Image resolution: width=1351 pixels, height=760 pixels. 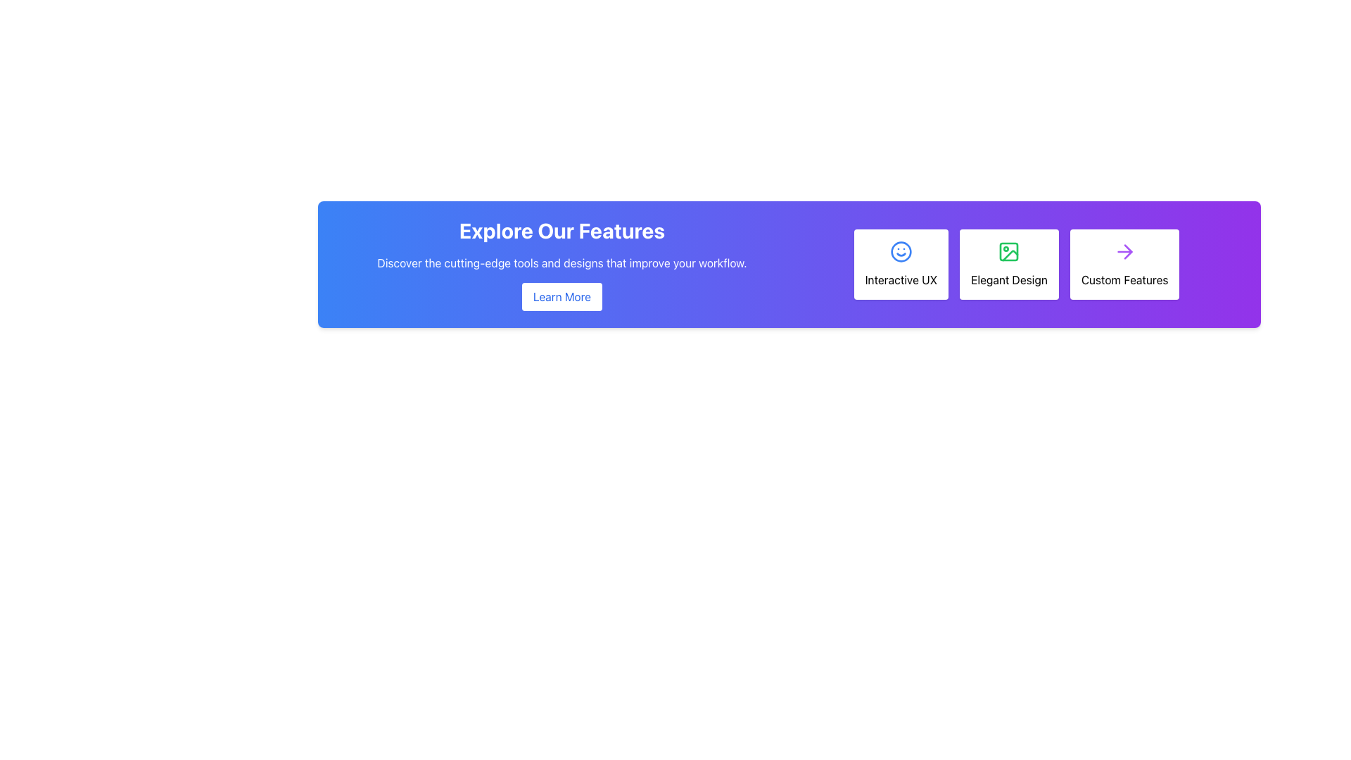 I want to click on the text label at the bottom center of the second card under the 'Explore Our Features' section, so click(x=1008, y=279).